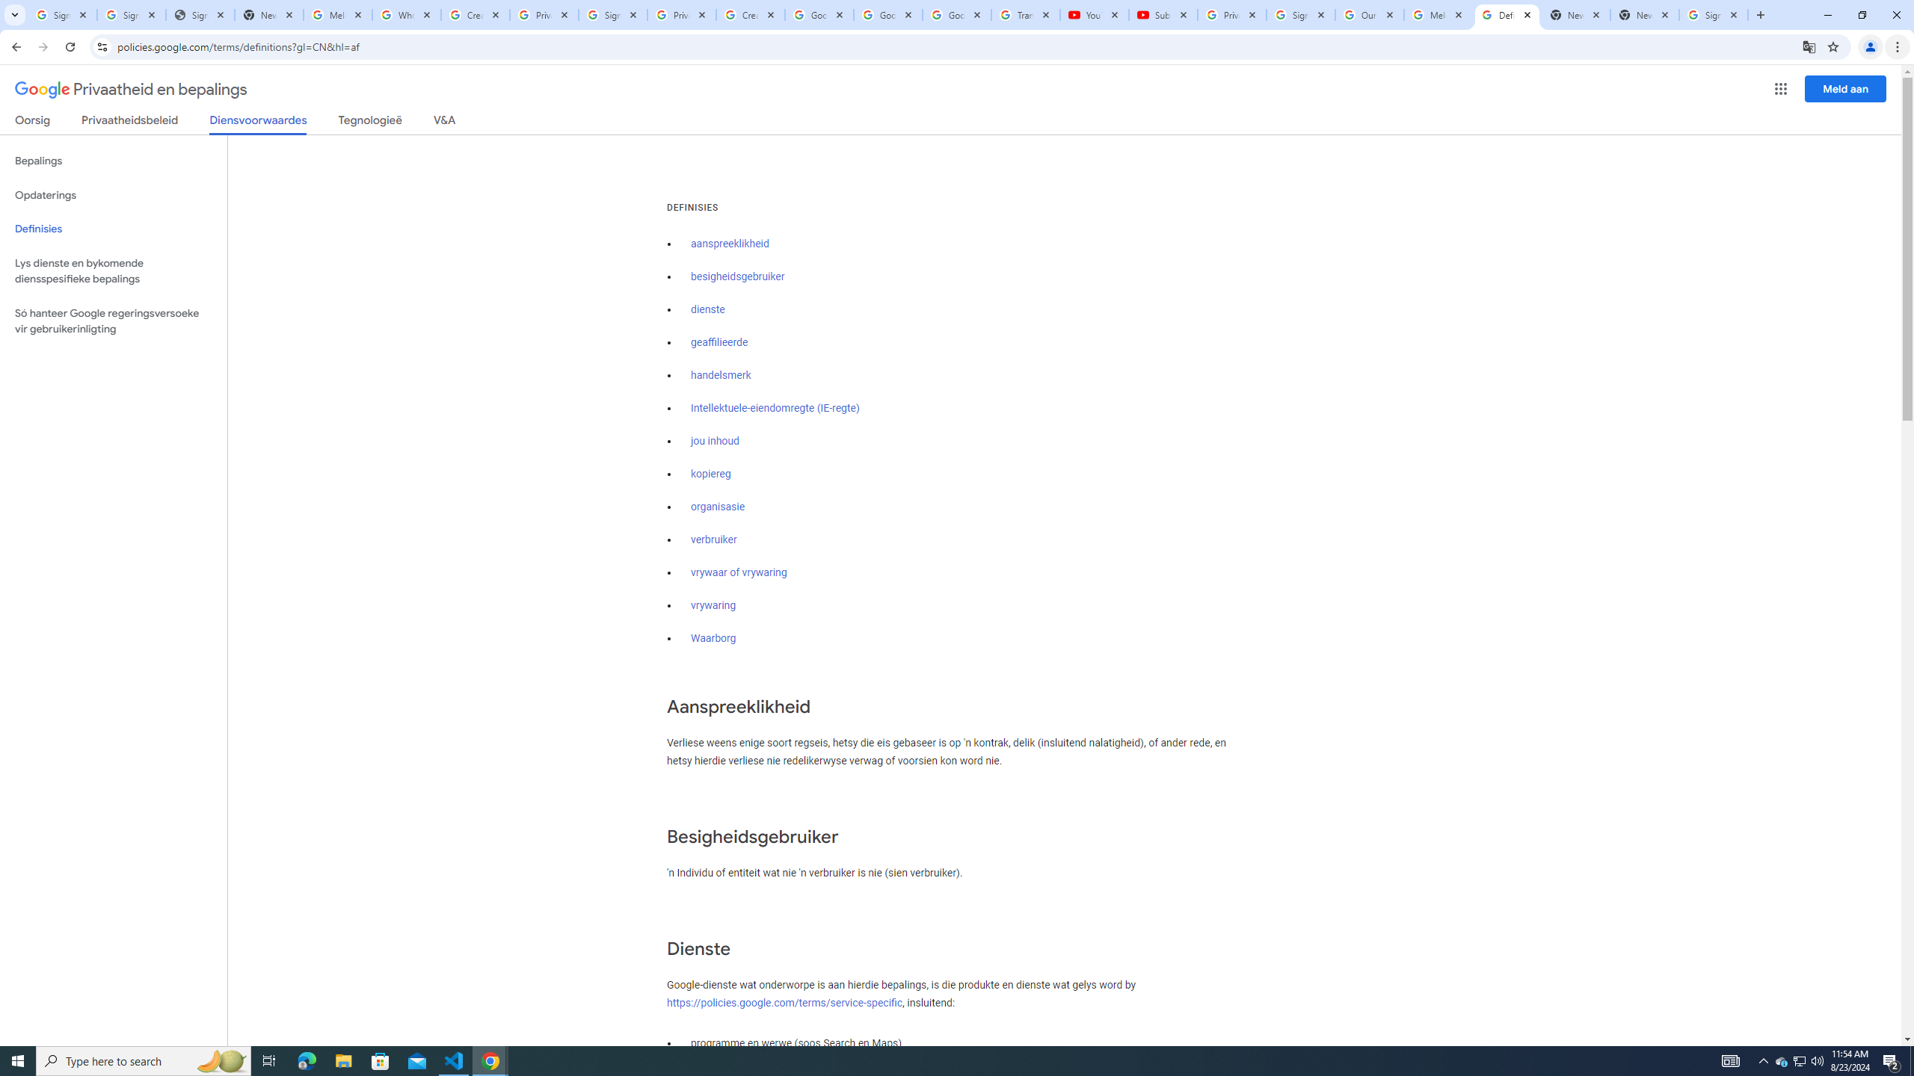  Describe the element at coordinates (750, 14) in the screenshot. I see `'Create your Google Account'` at that location.